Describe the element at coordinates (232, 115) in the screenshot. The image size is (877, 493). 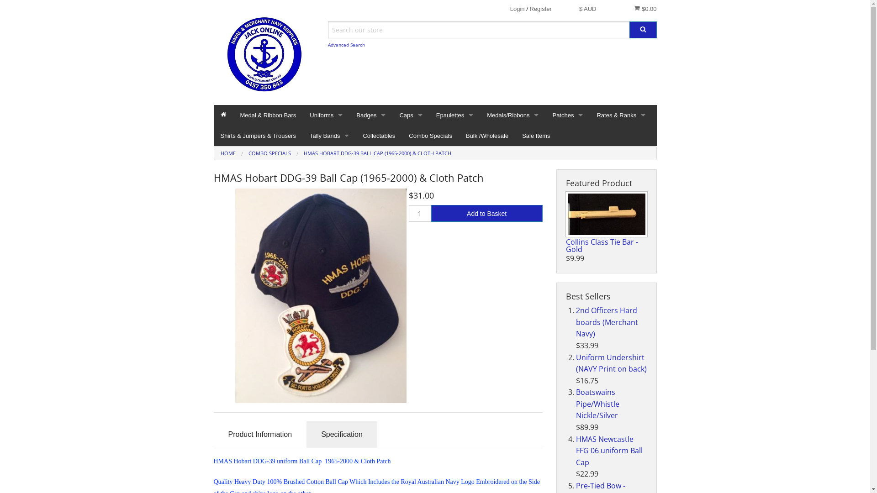
I see `'Medal & Ribbon Bars'` at that location.